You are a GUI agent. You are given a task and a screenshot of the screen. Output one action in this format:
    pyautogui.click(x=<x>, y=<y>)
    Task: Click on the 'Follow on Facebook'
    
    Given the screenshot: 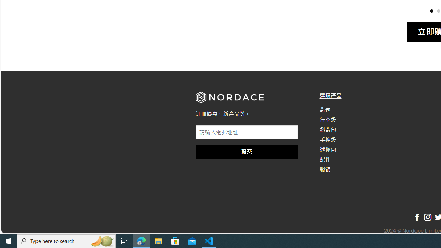 What is the action you would take?
    pyautogui.click(x=417, y=217)
    